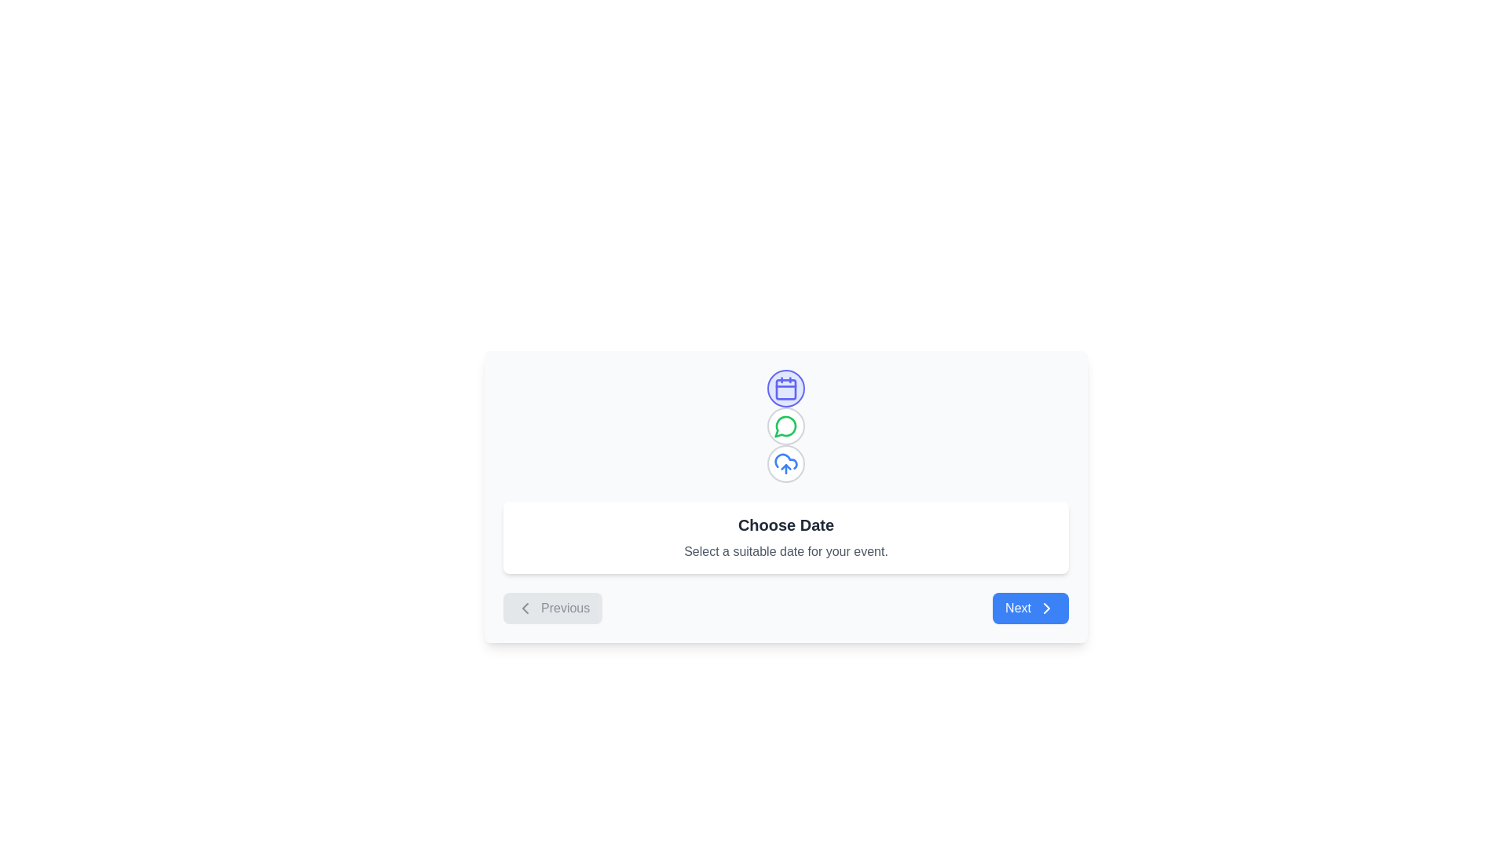 Image resolution: width=1508 pixels, height=848 pixels. Describe the element at coordinates (553, 608) in the screenshot. I see `the button located in the bottom left of the horizontal navigation bar` at that location.